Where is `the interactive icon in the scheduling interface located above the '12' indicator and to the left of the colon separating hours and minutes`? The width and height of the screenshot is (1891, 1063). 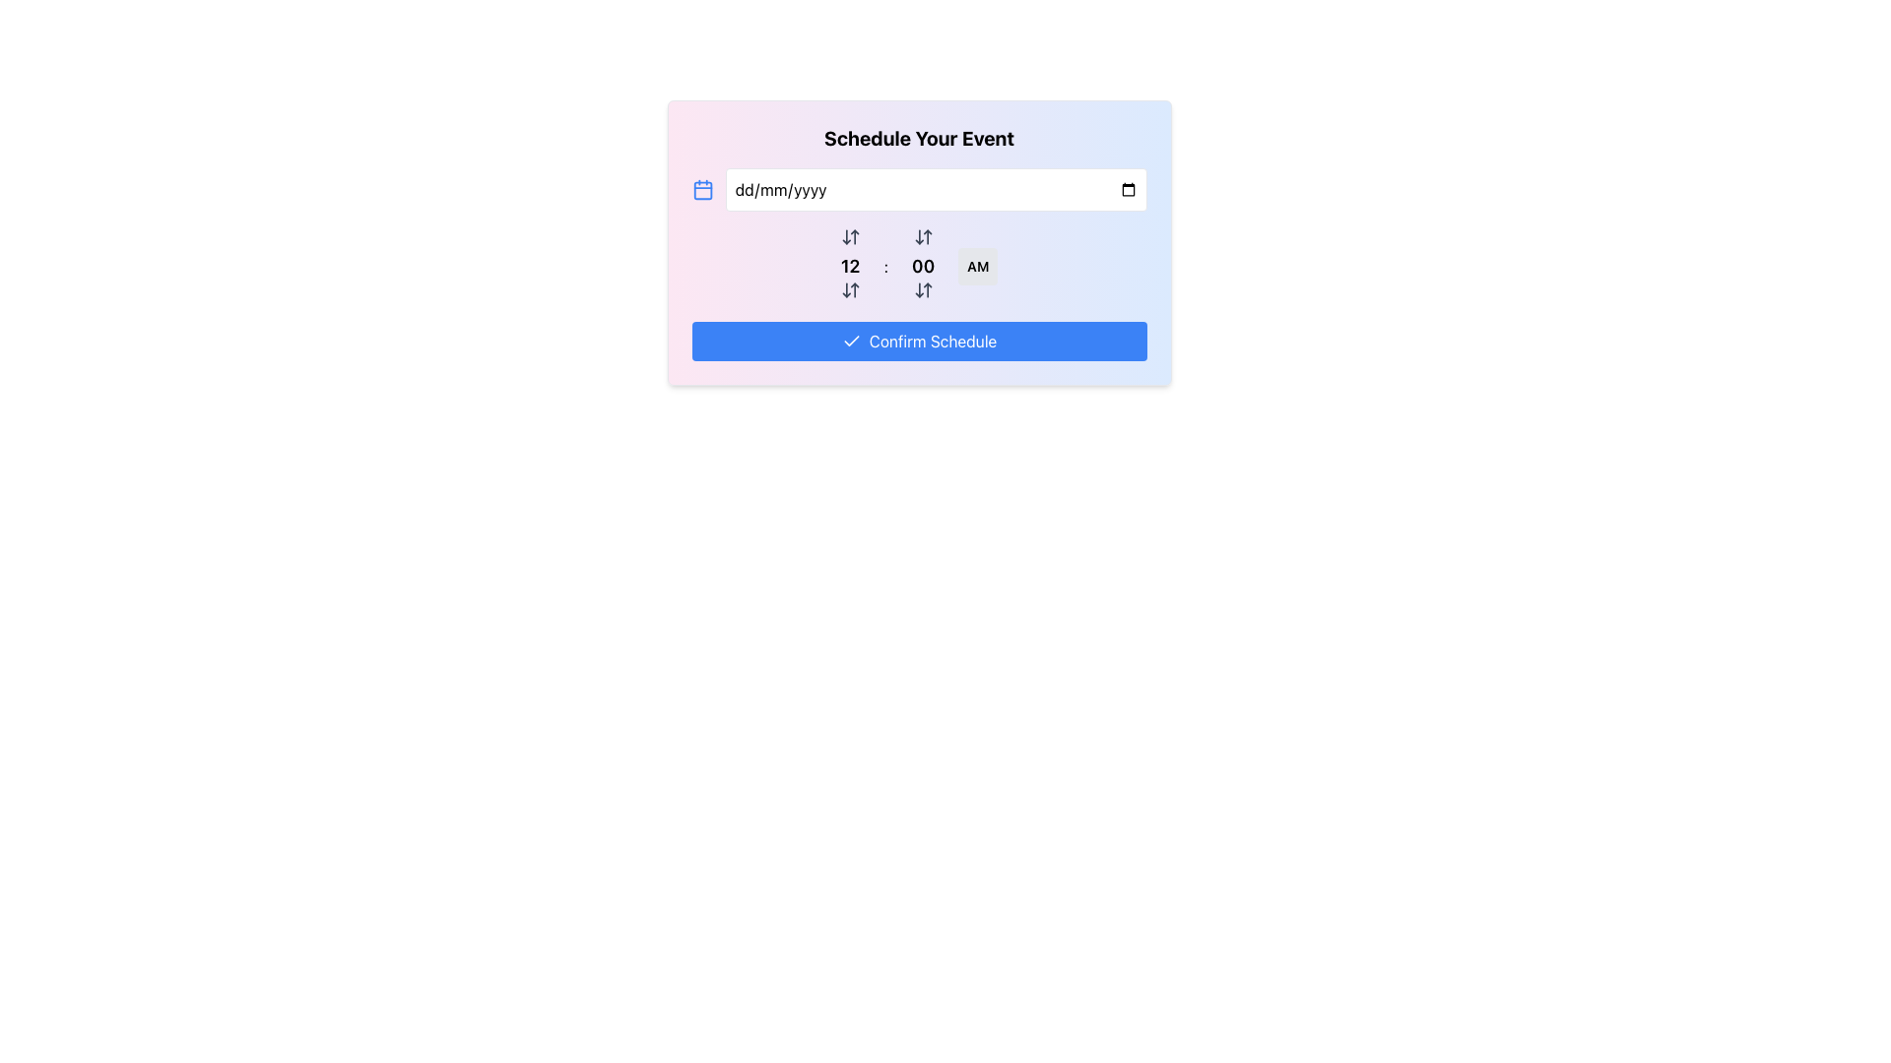
the interactive icon in the scheduling interface located above the '12' indicator and to the left of the colon separating hours and minutes is located at coordinates (850, 235).